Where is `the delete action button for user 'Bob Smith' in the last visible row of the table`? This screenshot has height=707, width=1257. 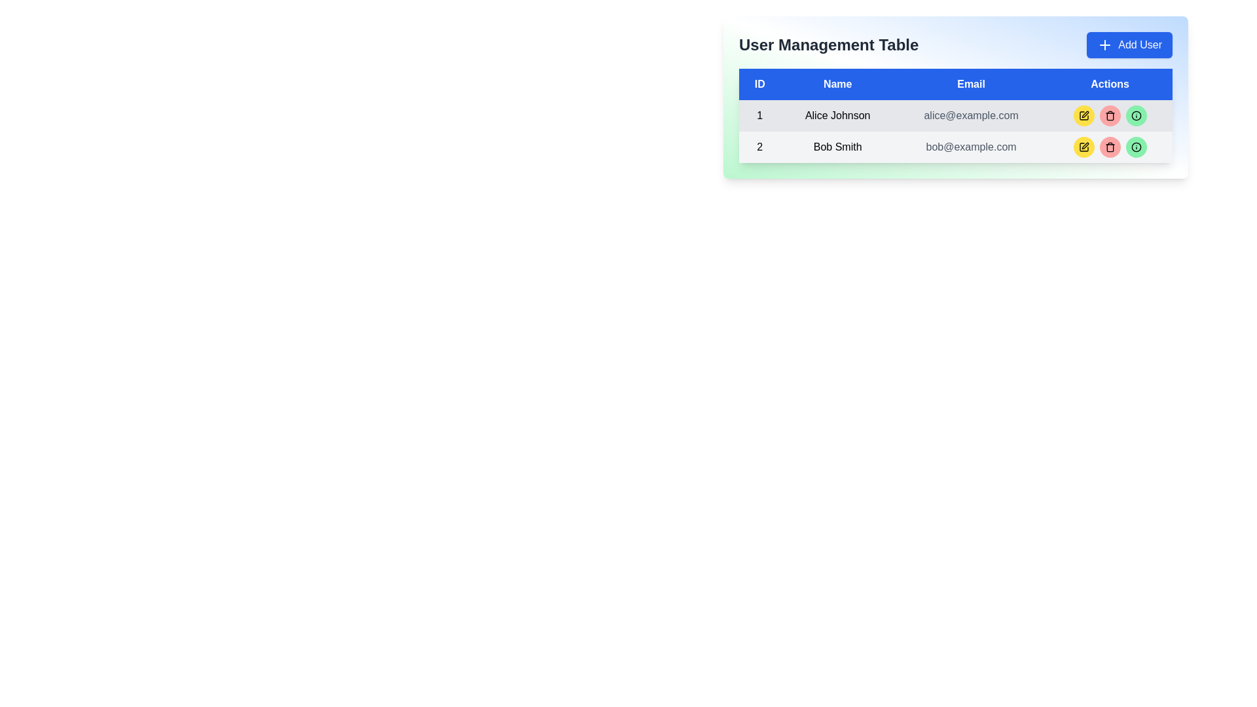 the delete action button for user 'Bob Smith' in the last visible row of the table is located at coordinates (1109, 147).